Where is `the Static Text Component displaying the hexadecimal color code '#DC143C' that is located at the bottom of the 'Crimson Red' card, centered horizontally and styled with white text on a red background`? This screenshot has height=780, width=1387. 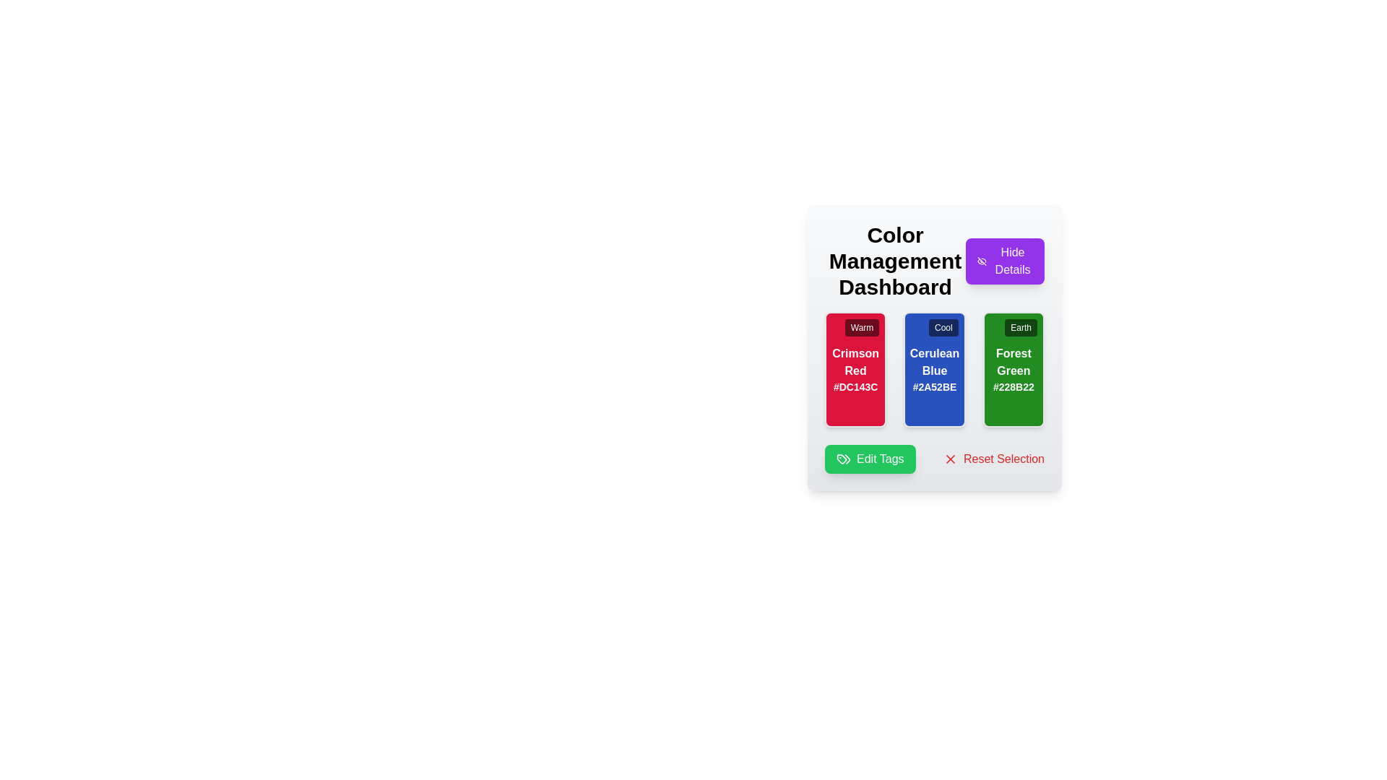 the Static Text Component displaying the hexadecimal color code '#DC143C' that is located at the bottom of the 'Crimson Red' card, centered horizontally and styled with white text on a red background is located at coordinates (855, 386).